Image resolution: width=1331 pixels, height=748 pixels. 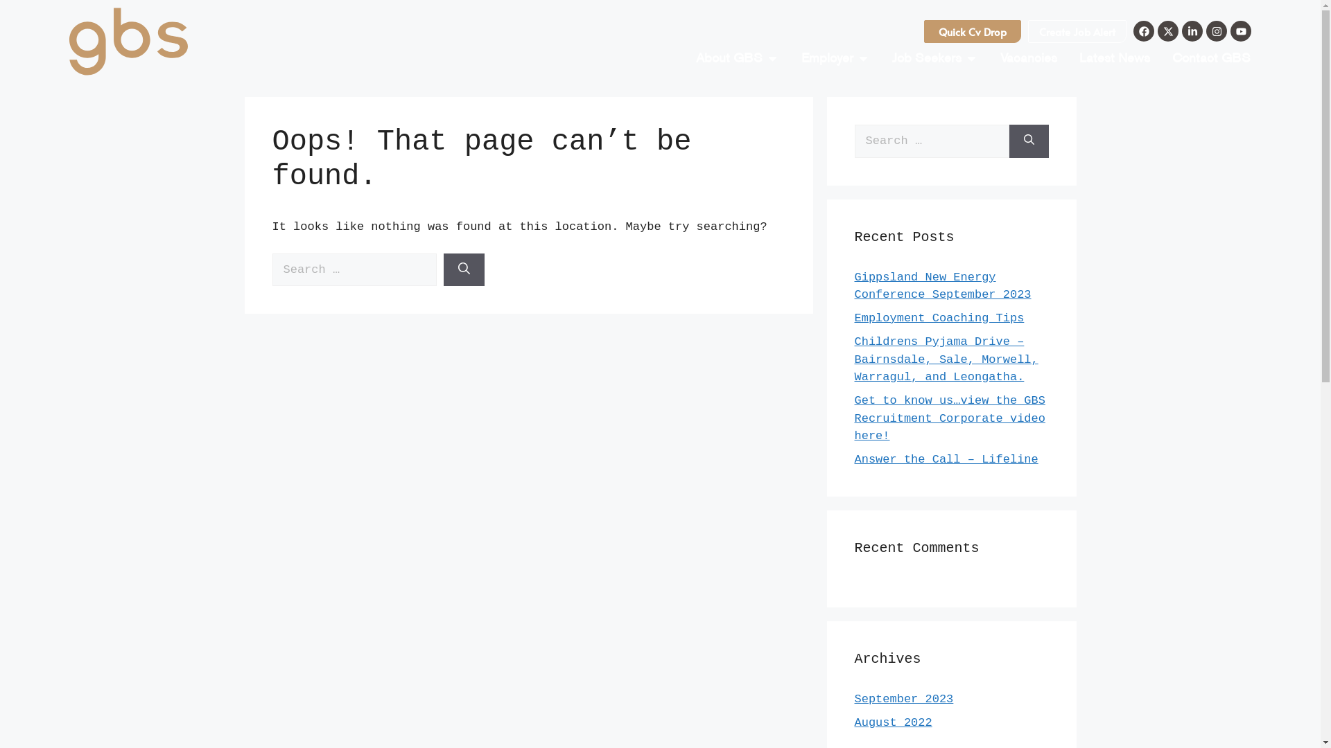 I want to click on 'September 2023', so click(x=903, y=699).